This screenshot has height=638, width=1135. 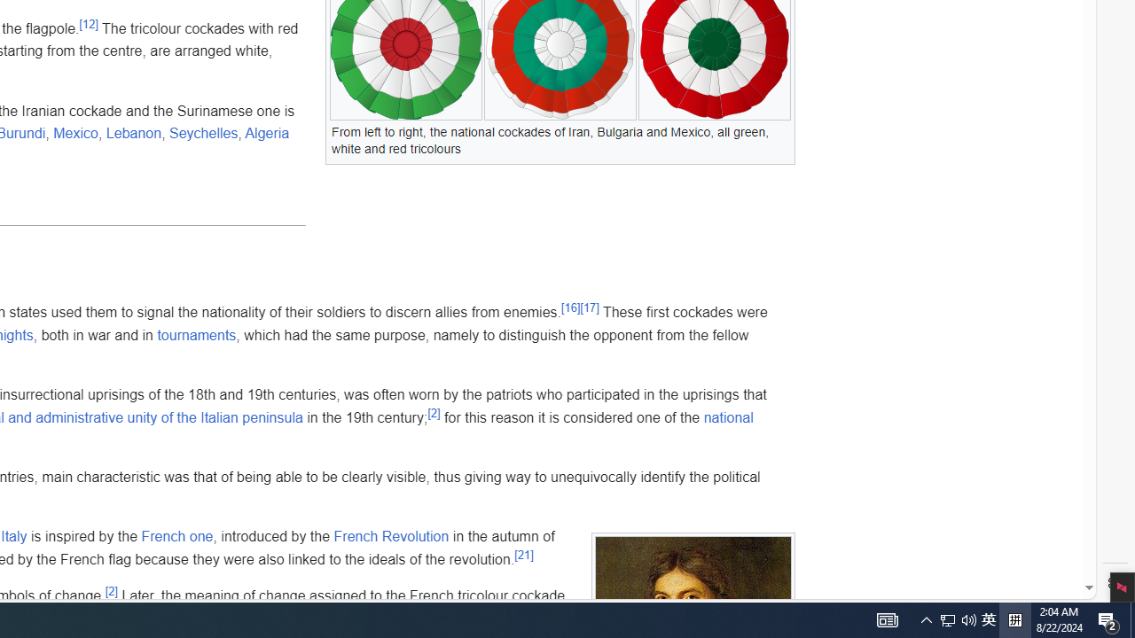 I want to click on 'Lebanon', so click(x=133, y=132).